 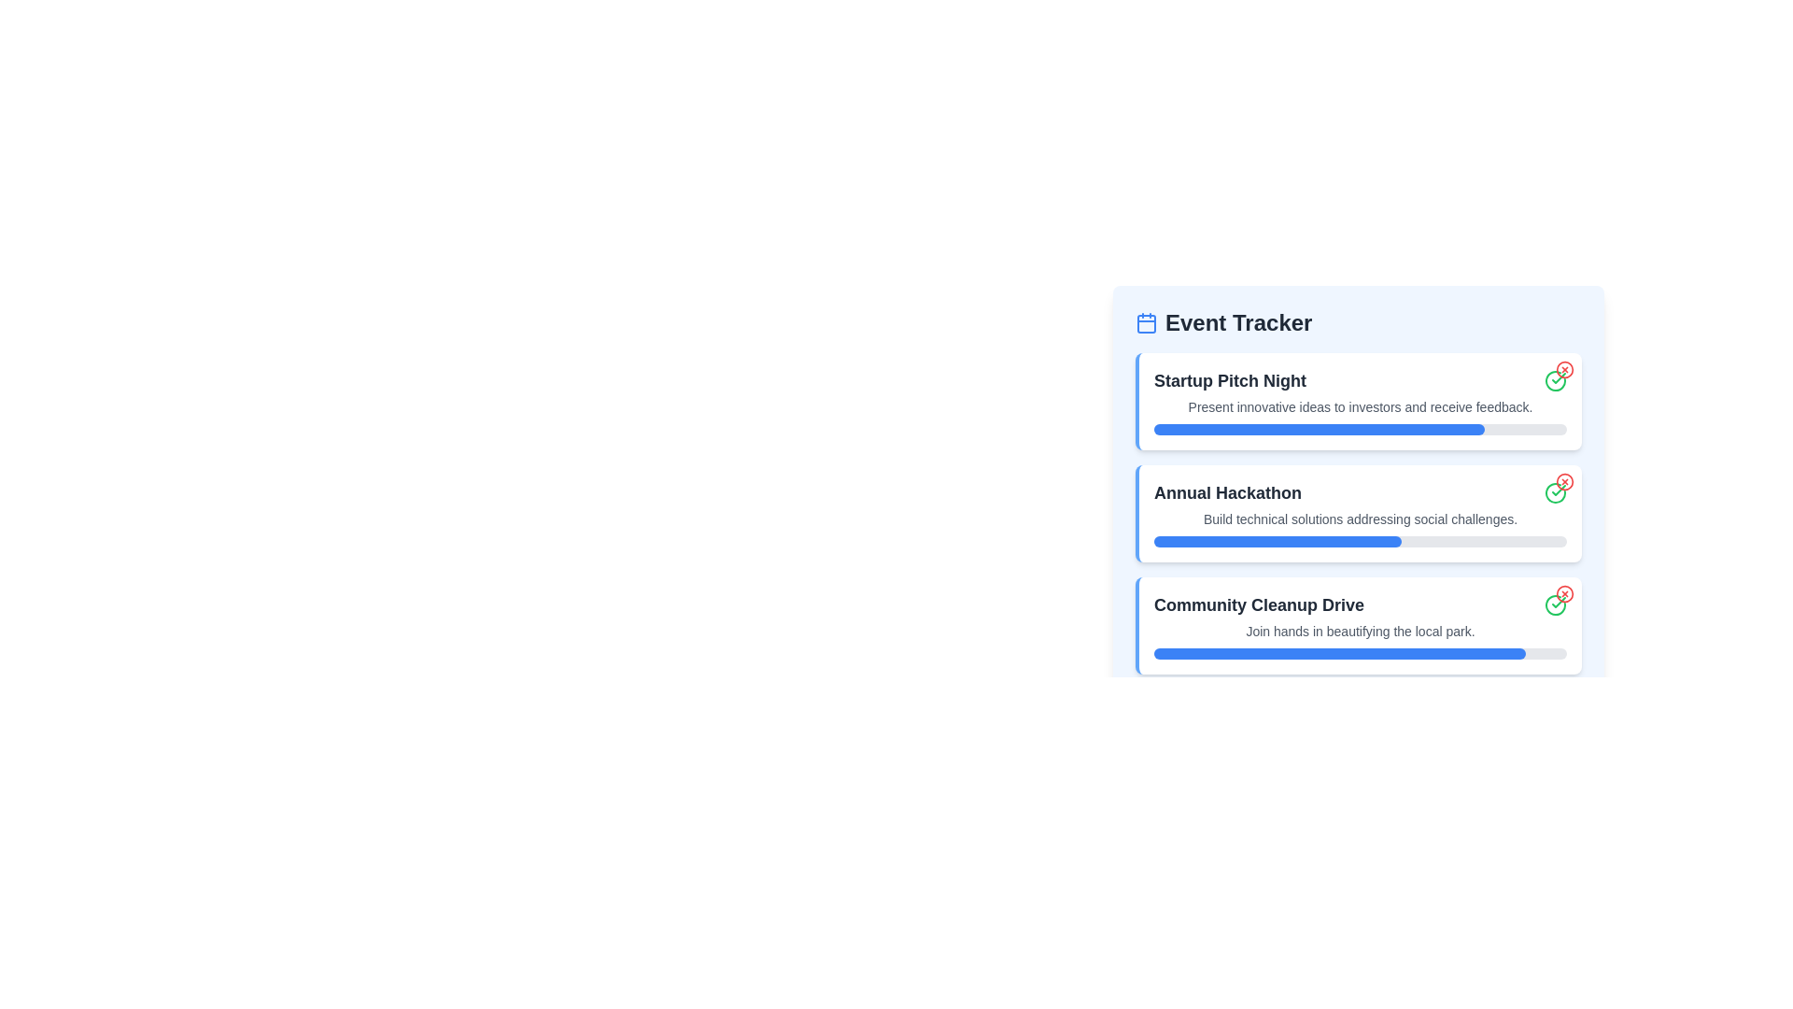 What do you see at coordinates (1564, 370) in the screenshot?
I see `the red hollow circular icon located in the top-right corner of the 'Startup Pitch Night' section of the 'Event Tracker' interface` at bounding box center [1564, 370].